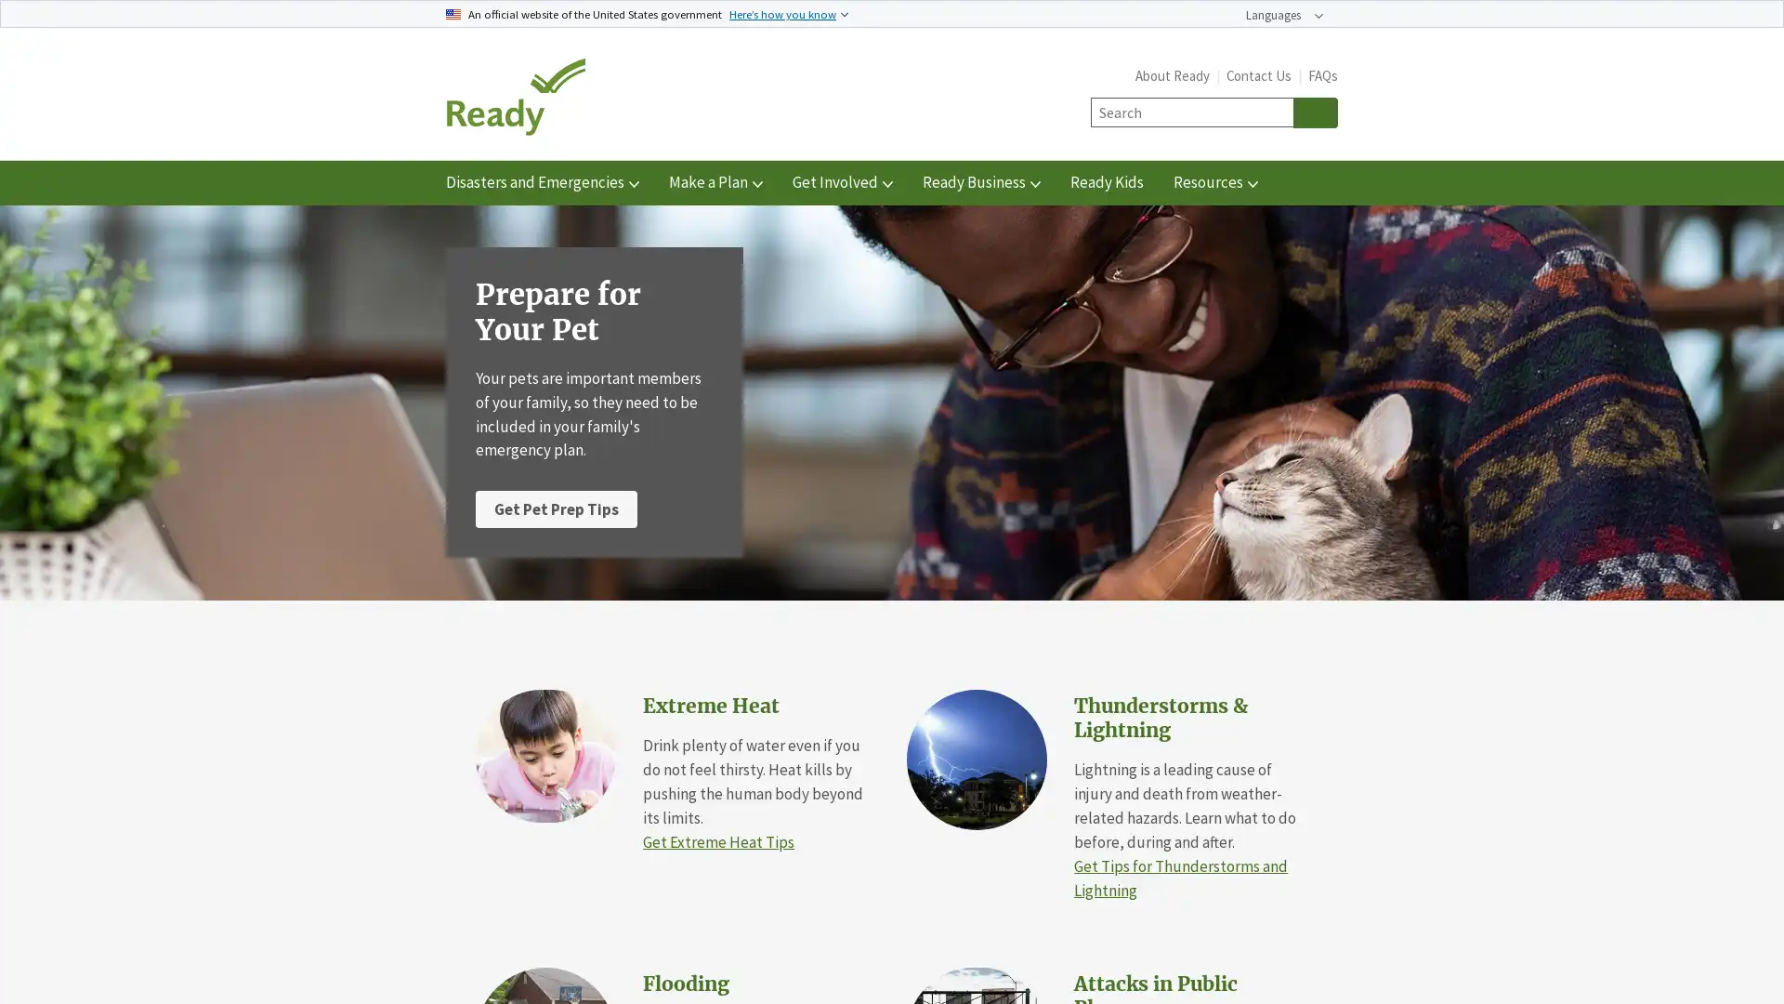 The image size is (1784, 1004). I want to click on Make a Plan, so click(715, 182).